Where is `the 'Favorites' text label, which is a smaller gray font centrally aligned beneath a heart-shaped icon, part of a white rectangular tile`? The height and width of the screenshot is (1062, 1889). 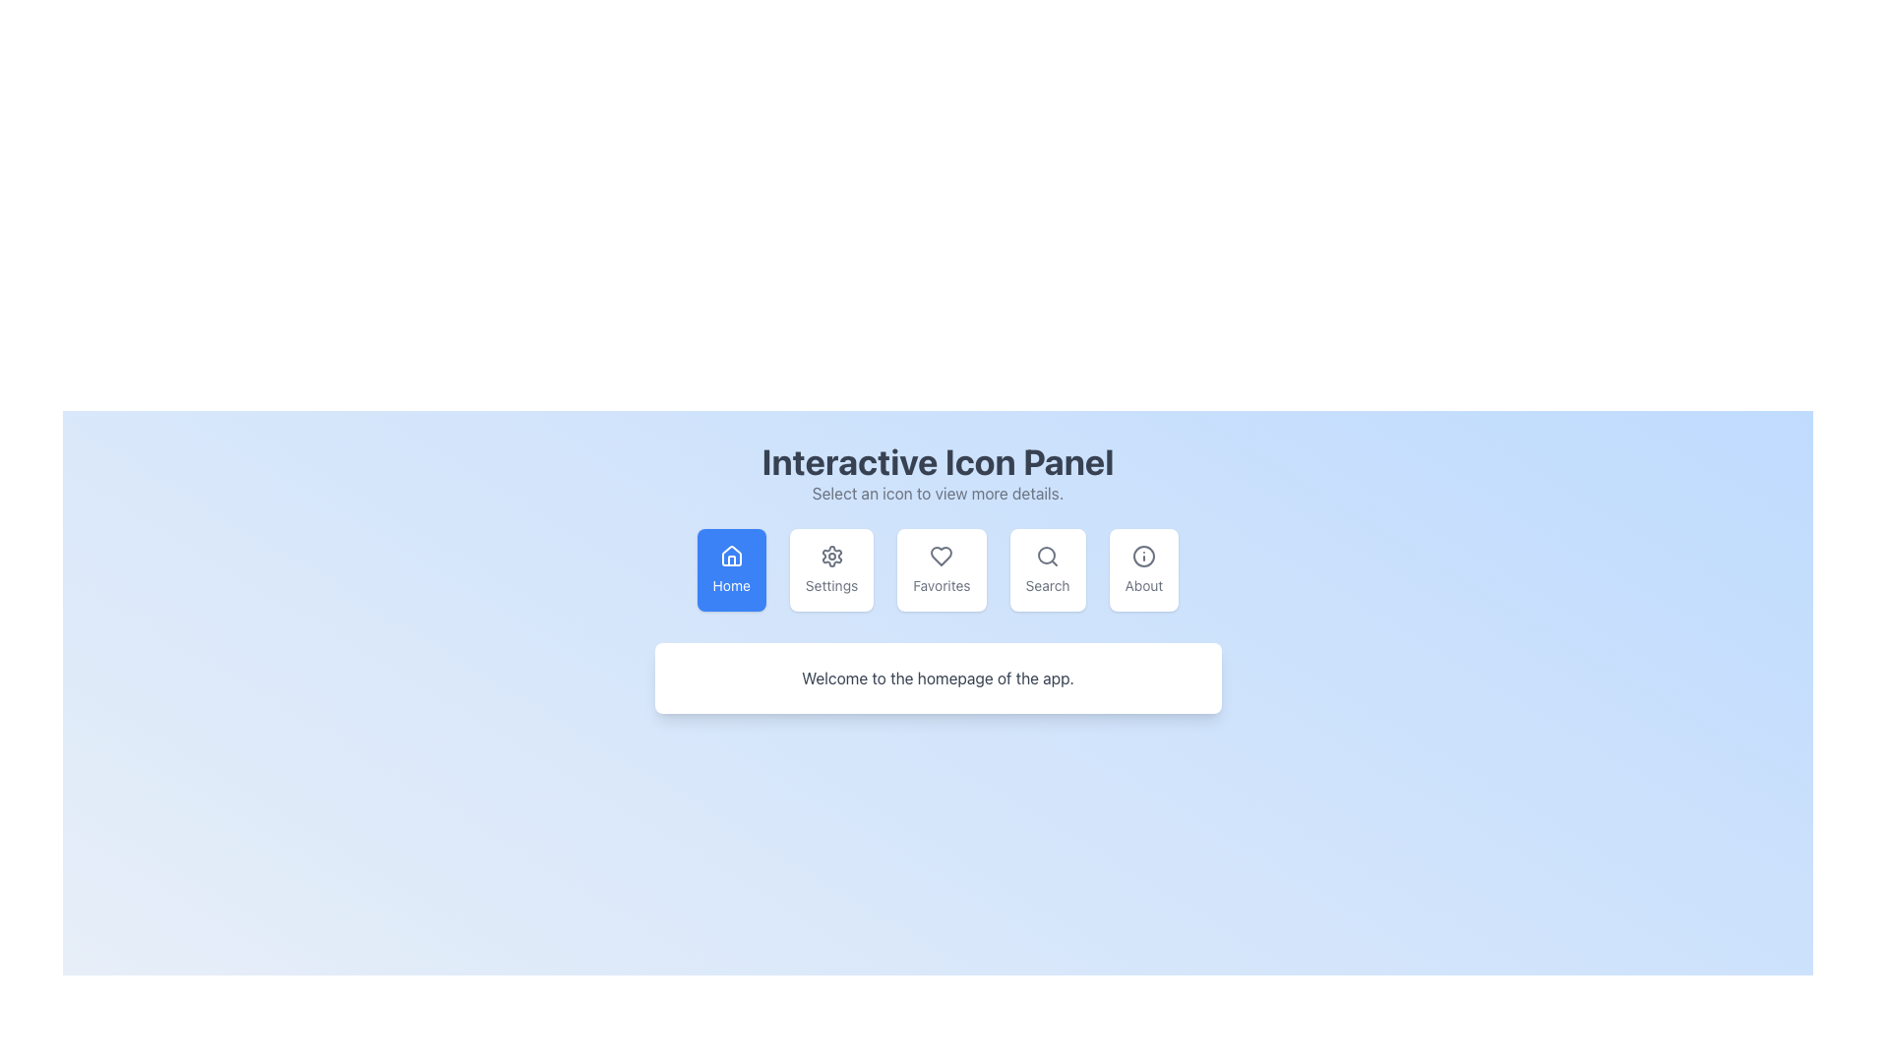
the 'Favorites' text label, which is a smaller gray font centrally aligned beneath a heart-shaped icon, part of a white rectangular tile is located at coordinates (941, 585).